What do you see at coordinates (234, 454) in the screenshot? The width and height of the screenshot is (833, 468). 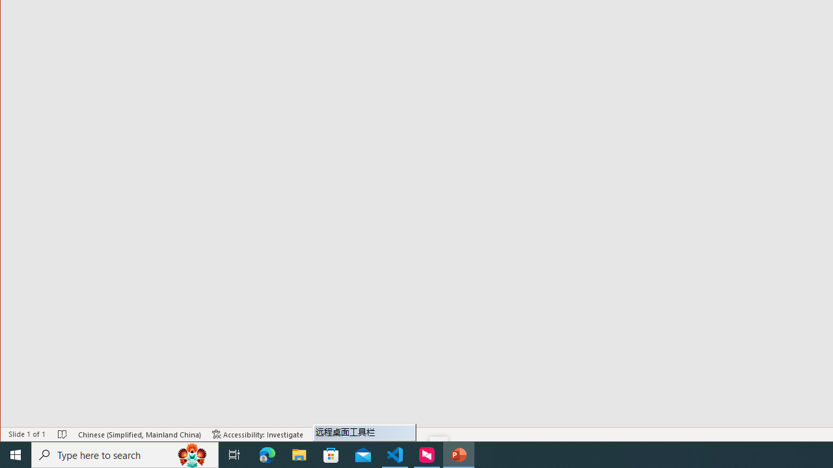 I see `'Task View'` at bounding box center [234, 454].